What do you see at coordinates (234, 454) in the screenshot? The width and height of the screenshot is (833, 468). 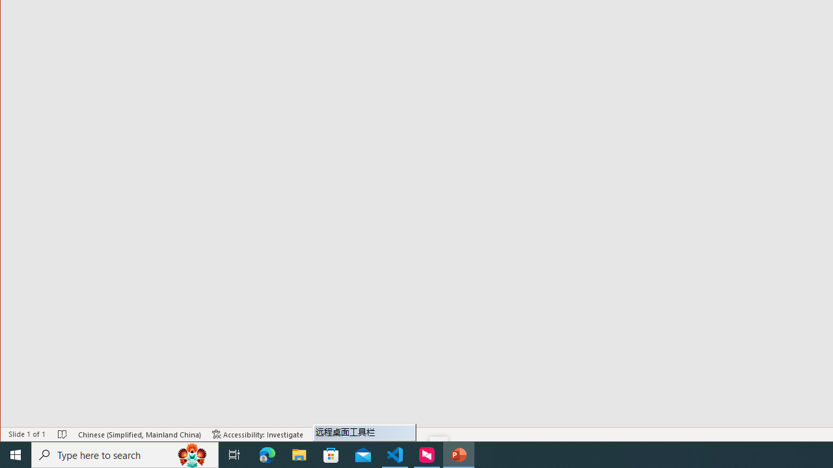 I see `'Task View'` at bounding box center [234, 454].